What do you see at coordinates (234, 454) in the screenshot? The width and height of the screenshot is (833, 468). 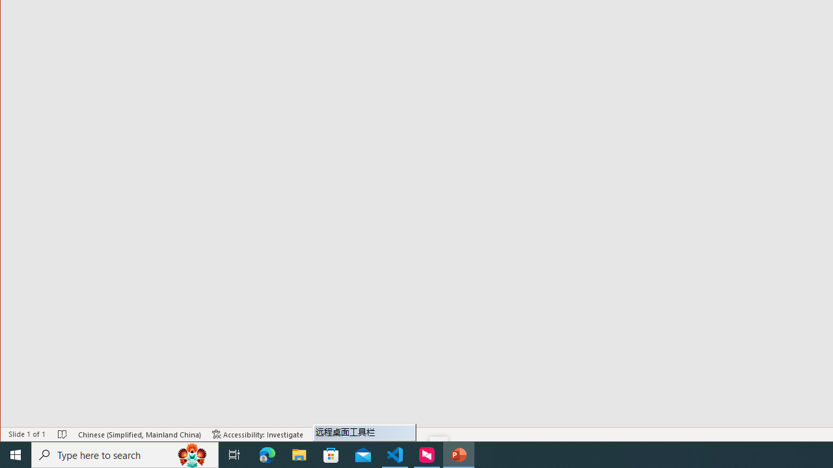 I see `'Task View'` at bounding box center [234, 454].